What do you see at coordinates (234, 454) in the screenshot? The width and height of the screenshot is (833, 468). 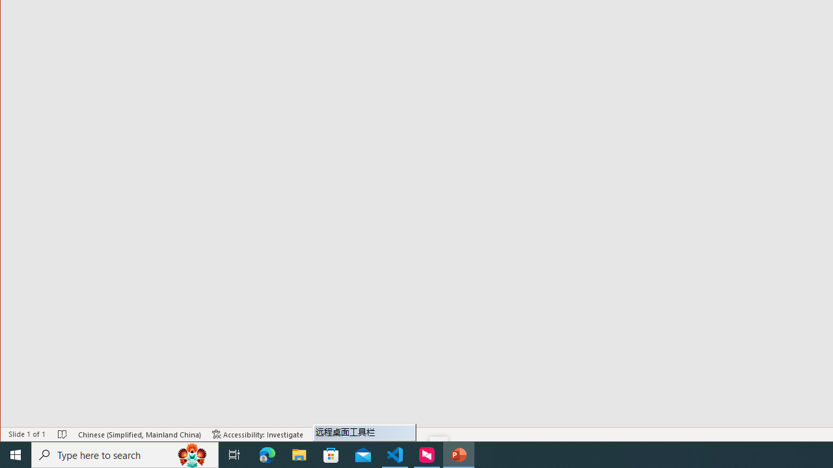 I see `'Task View'` at bounding box center [234, 454].